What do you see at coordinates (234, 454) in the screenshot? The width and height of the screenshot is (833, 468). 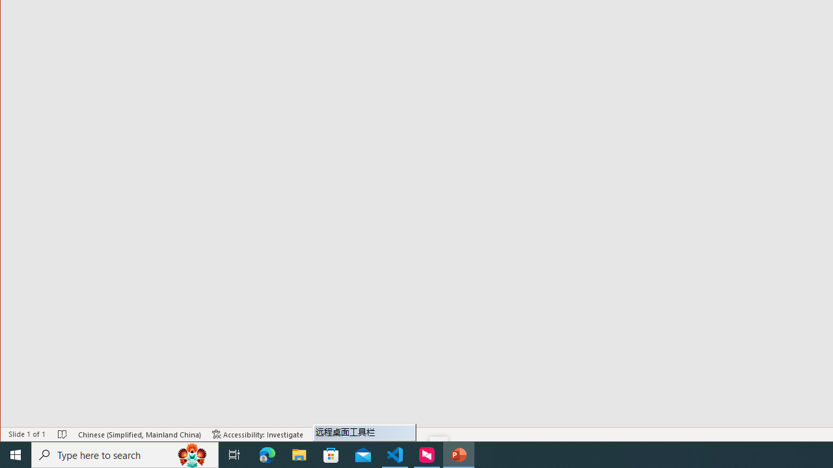 I see `'Task View'` at bounding box center [234, 454].